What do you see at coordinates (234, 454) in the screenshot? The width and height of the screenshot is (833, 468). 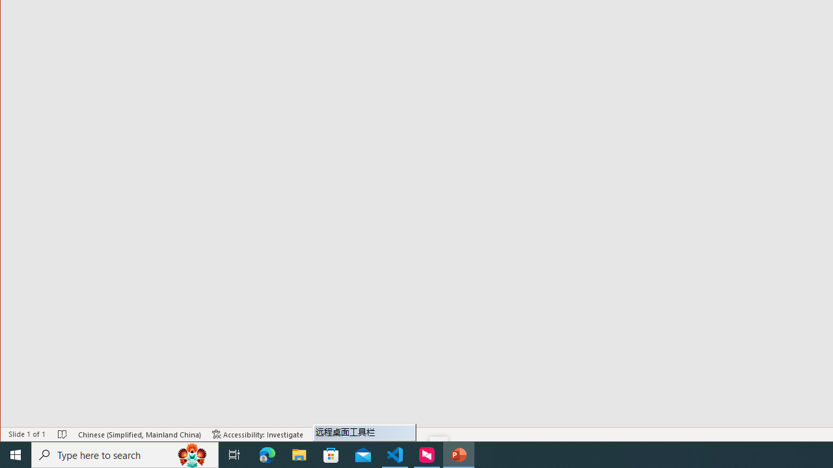 I see `'Task View'` at bounding box center [234, 454].